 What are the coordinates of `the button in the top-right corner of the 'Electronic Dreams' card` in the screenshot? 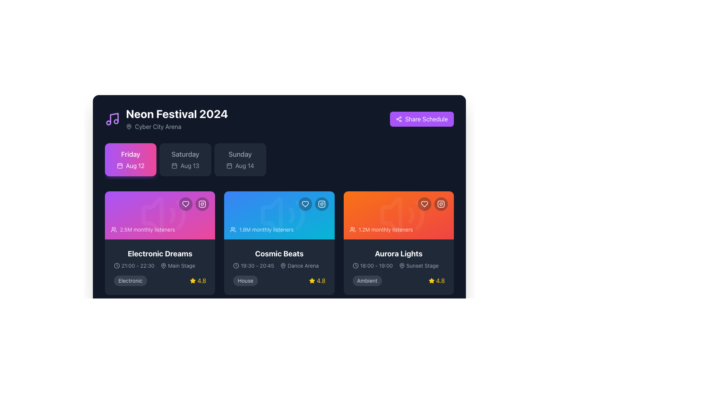 It's located at (186, 204).